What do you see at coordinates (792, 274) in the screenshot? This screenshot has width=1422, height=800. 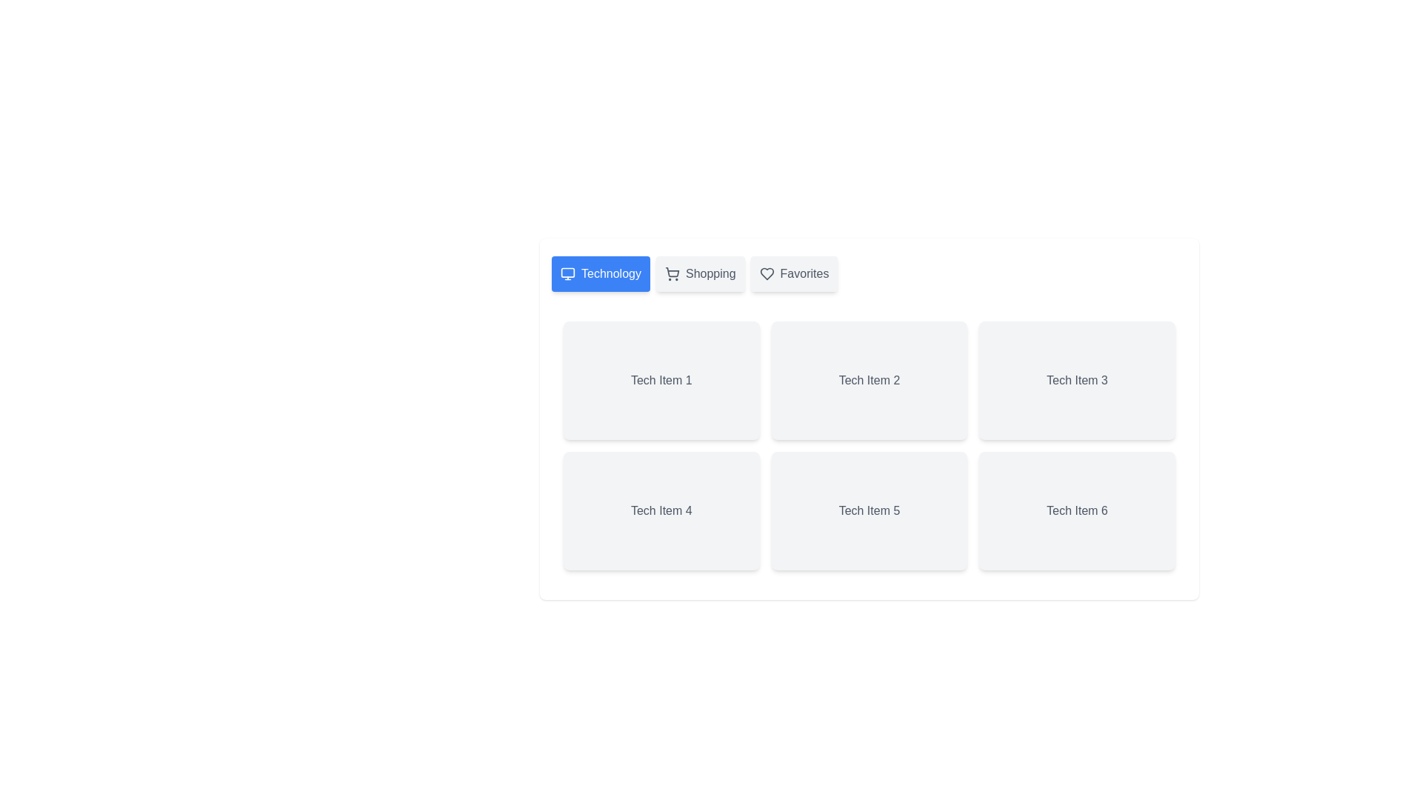 I see `the tab labeled Favorites to switch the active view to that tab` at bounding box center [792, 274].